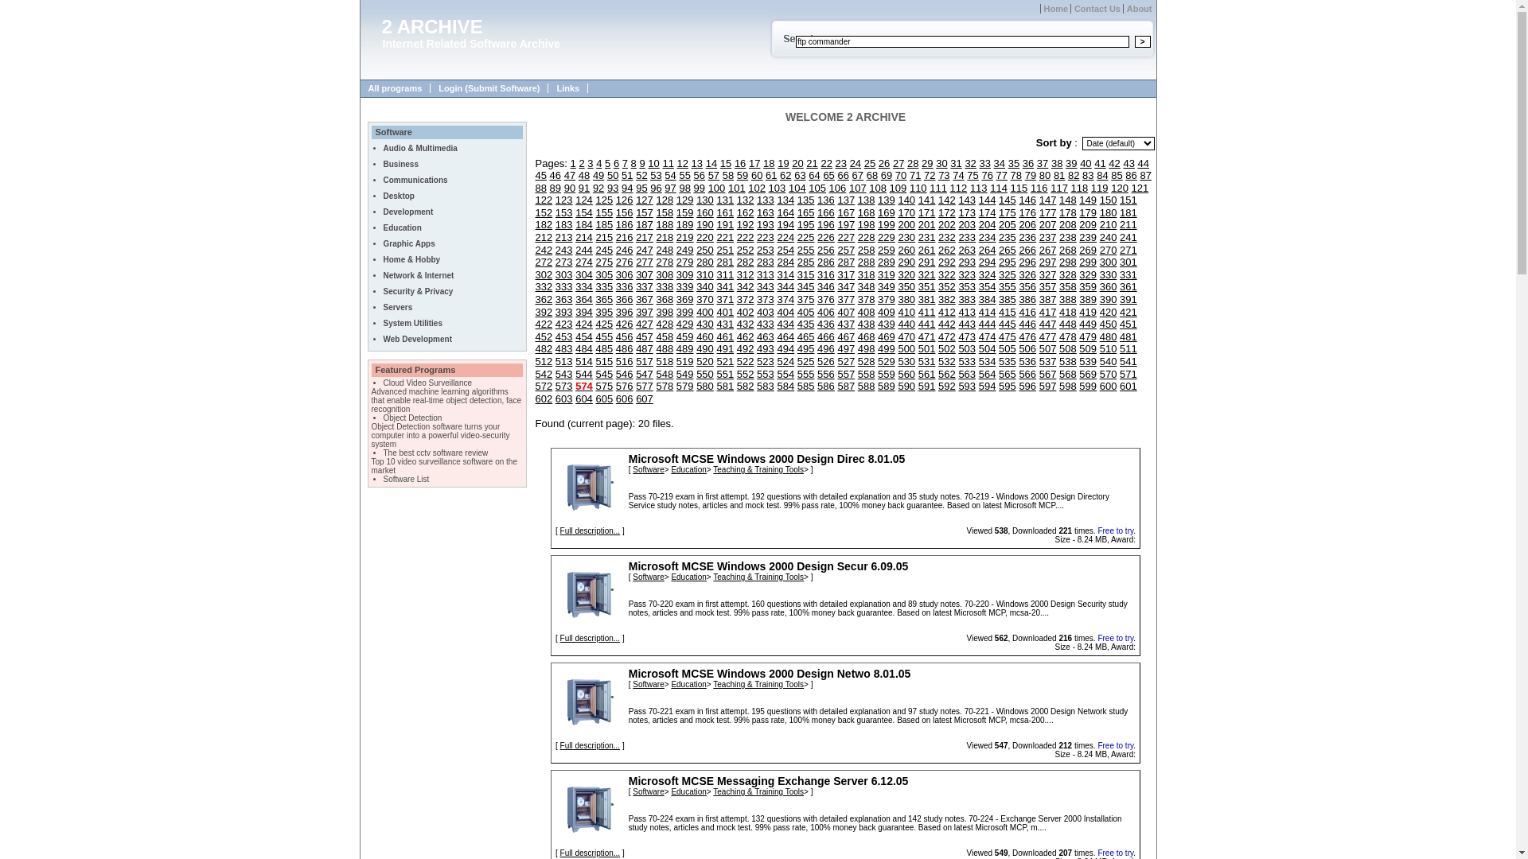 The image size is (1528, 859). I want to click on '87', so click(1144, 175).